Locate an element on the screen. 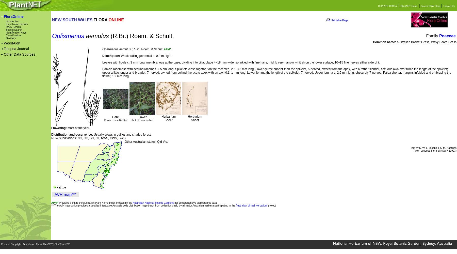 The image size is (457, 254). 'ONLINE' is located at coordinates (116, 19).